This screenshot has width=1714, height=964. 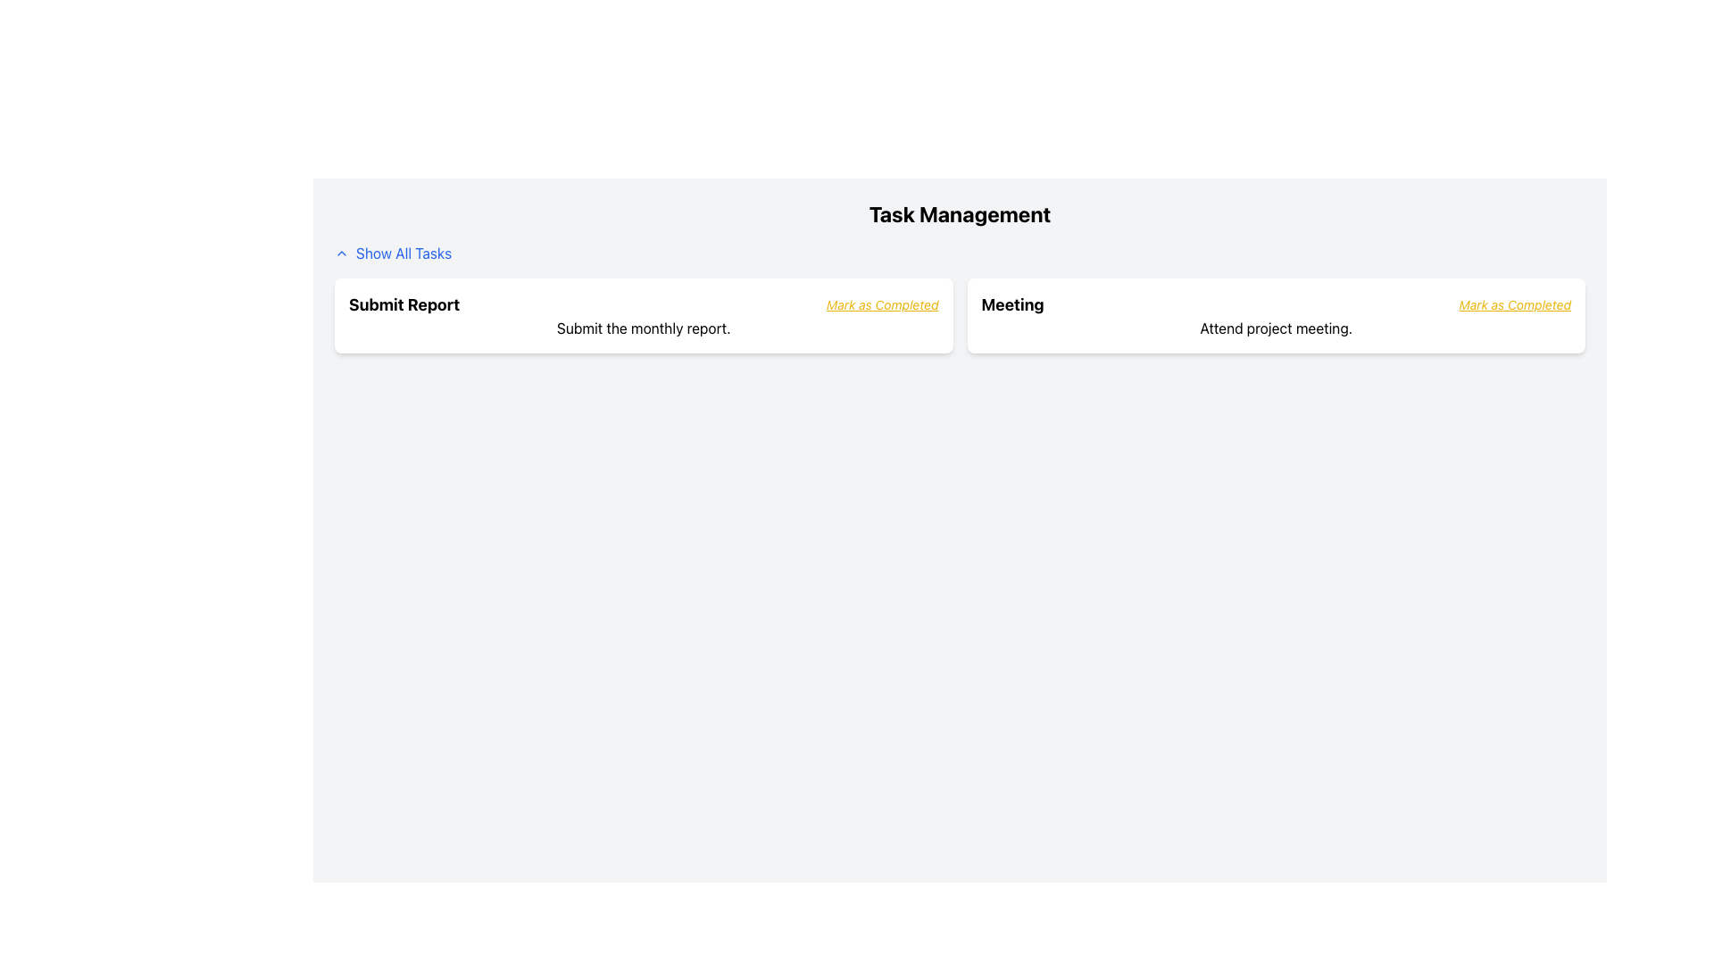 What do you see at coordinates (882, 304) in the screenshot?
I see `the interactive text link labeled 'Mark as Completed', which is styled in italic, underlined, and yellow, to mark the task as completed` at bounding box center [882, 304].